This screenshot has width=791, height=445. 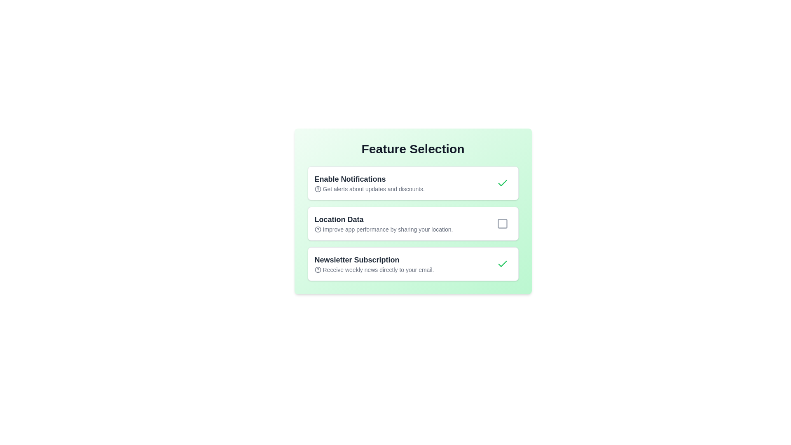 What do you see at coordinates (413, 224) in the screenshot?
I see `the grouped list with interactive controls for feature selection, which is located below the title 'Feature Selection' and allows users to select or deselect options related to notifications, location data, and newsletter subscription` at bounding box center [413, 224].